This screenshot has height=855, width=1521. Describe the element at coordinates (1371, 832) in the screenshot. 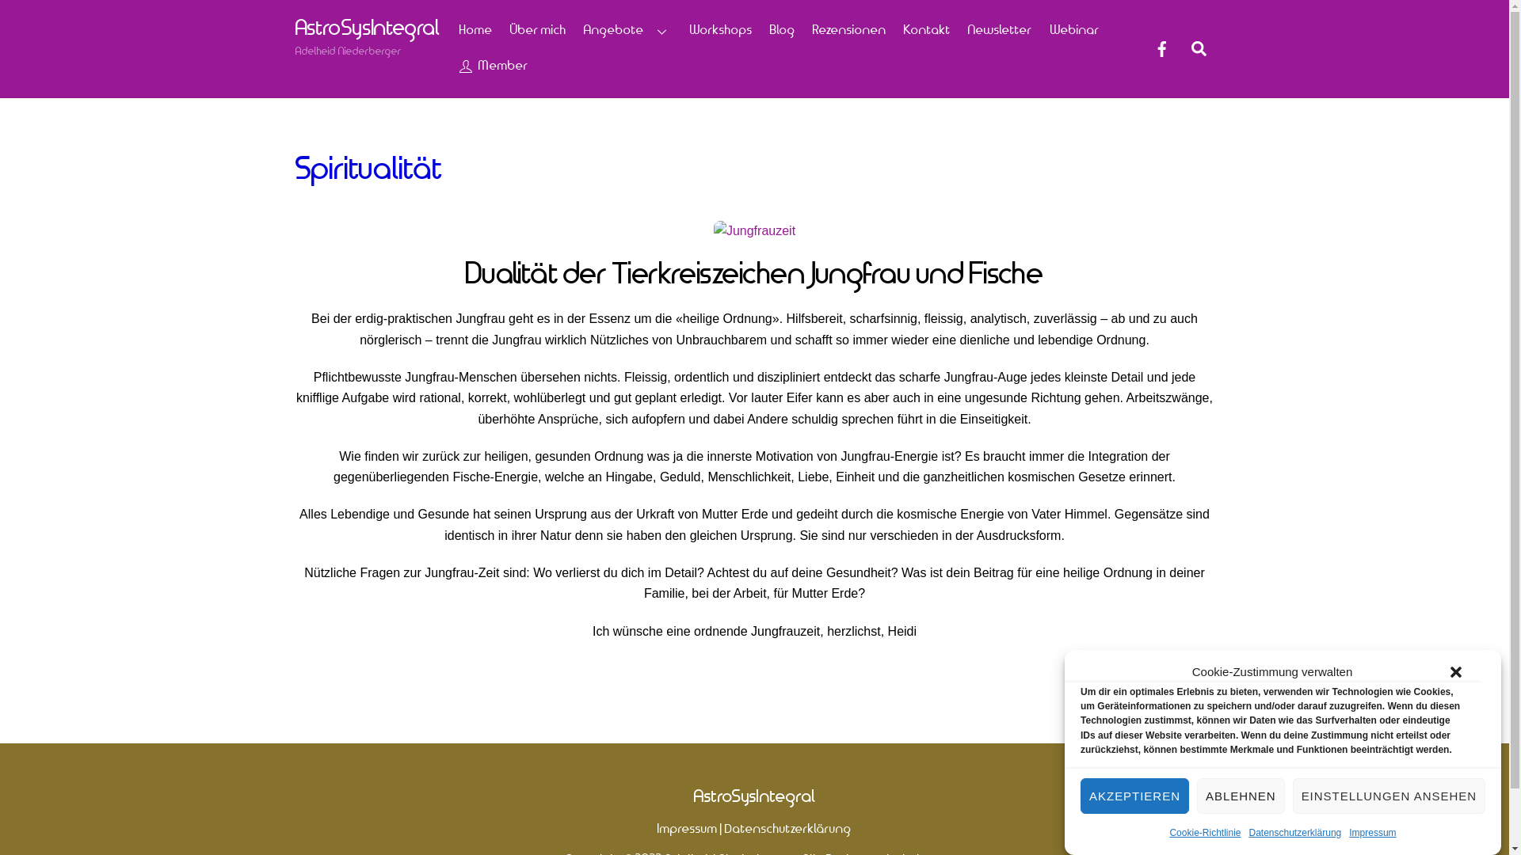

I see `'Impressum'` at that location.